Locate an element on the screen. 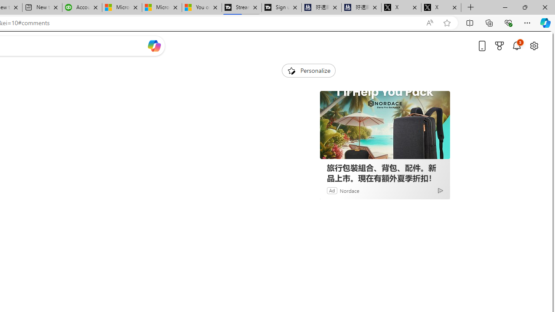 This screenshot has height=312, width=555. 'To get missing image descriptions, open the context menu.' is located at coordinates (291, 70).